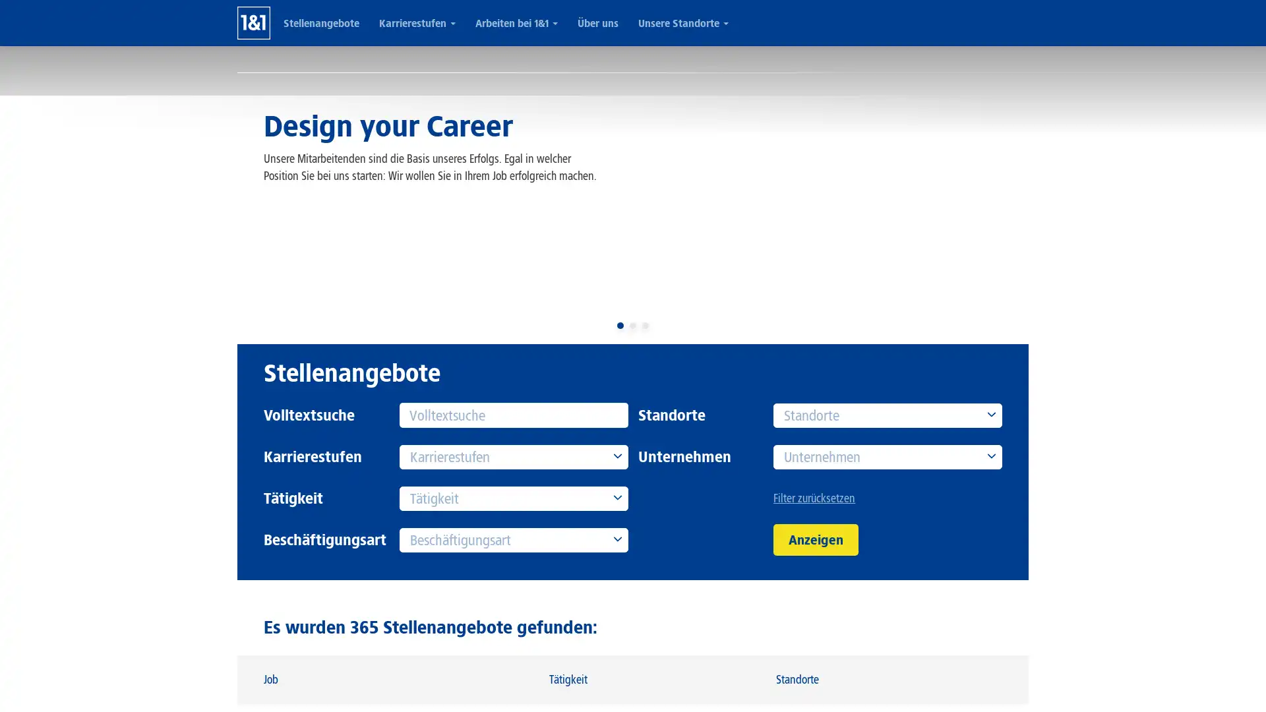  Describe the element at coordinates (888, 498) in the screenshot. I see `Filter zurucksetzen` at that location.